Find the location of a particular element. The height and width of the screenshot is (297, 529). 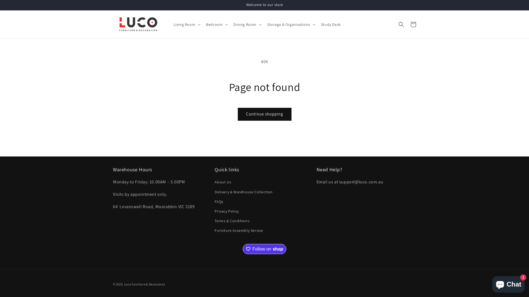

'Study Desk' is located at coordinates (317, 24).